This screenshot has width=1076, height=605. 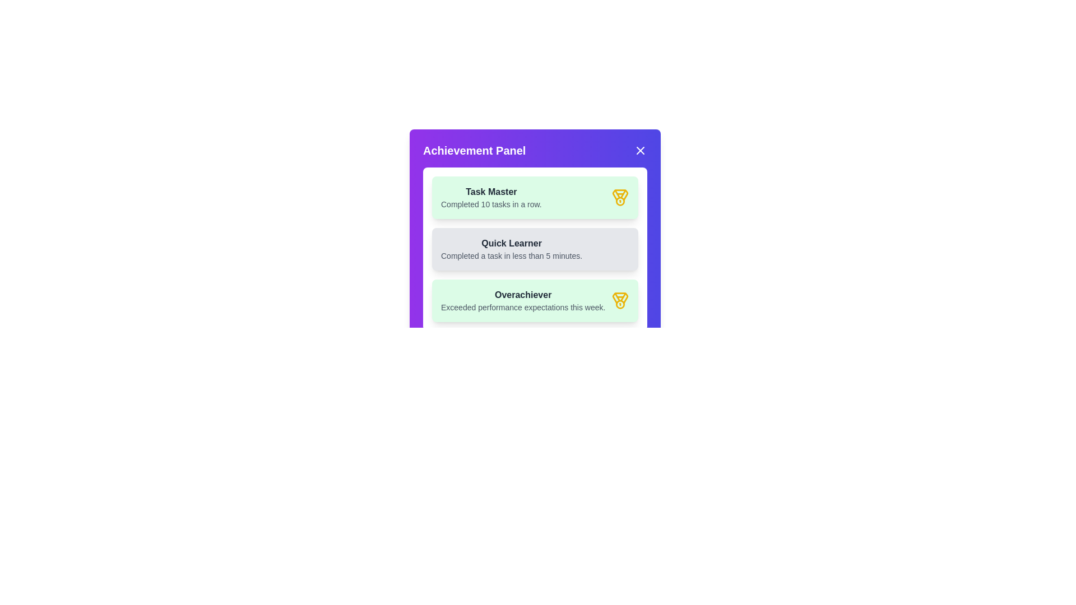 What do you see at coordinates (620, 197) in the screenshot?
I see `the achievement icon that represents the completion of the 'Task Master' task, located at the far right next to the 'Task Master' text` at bounding box center [620, 197].